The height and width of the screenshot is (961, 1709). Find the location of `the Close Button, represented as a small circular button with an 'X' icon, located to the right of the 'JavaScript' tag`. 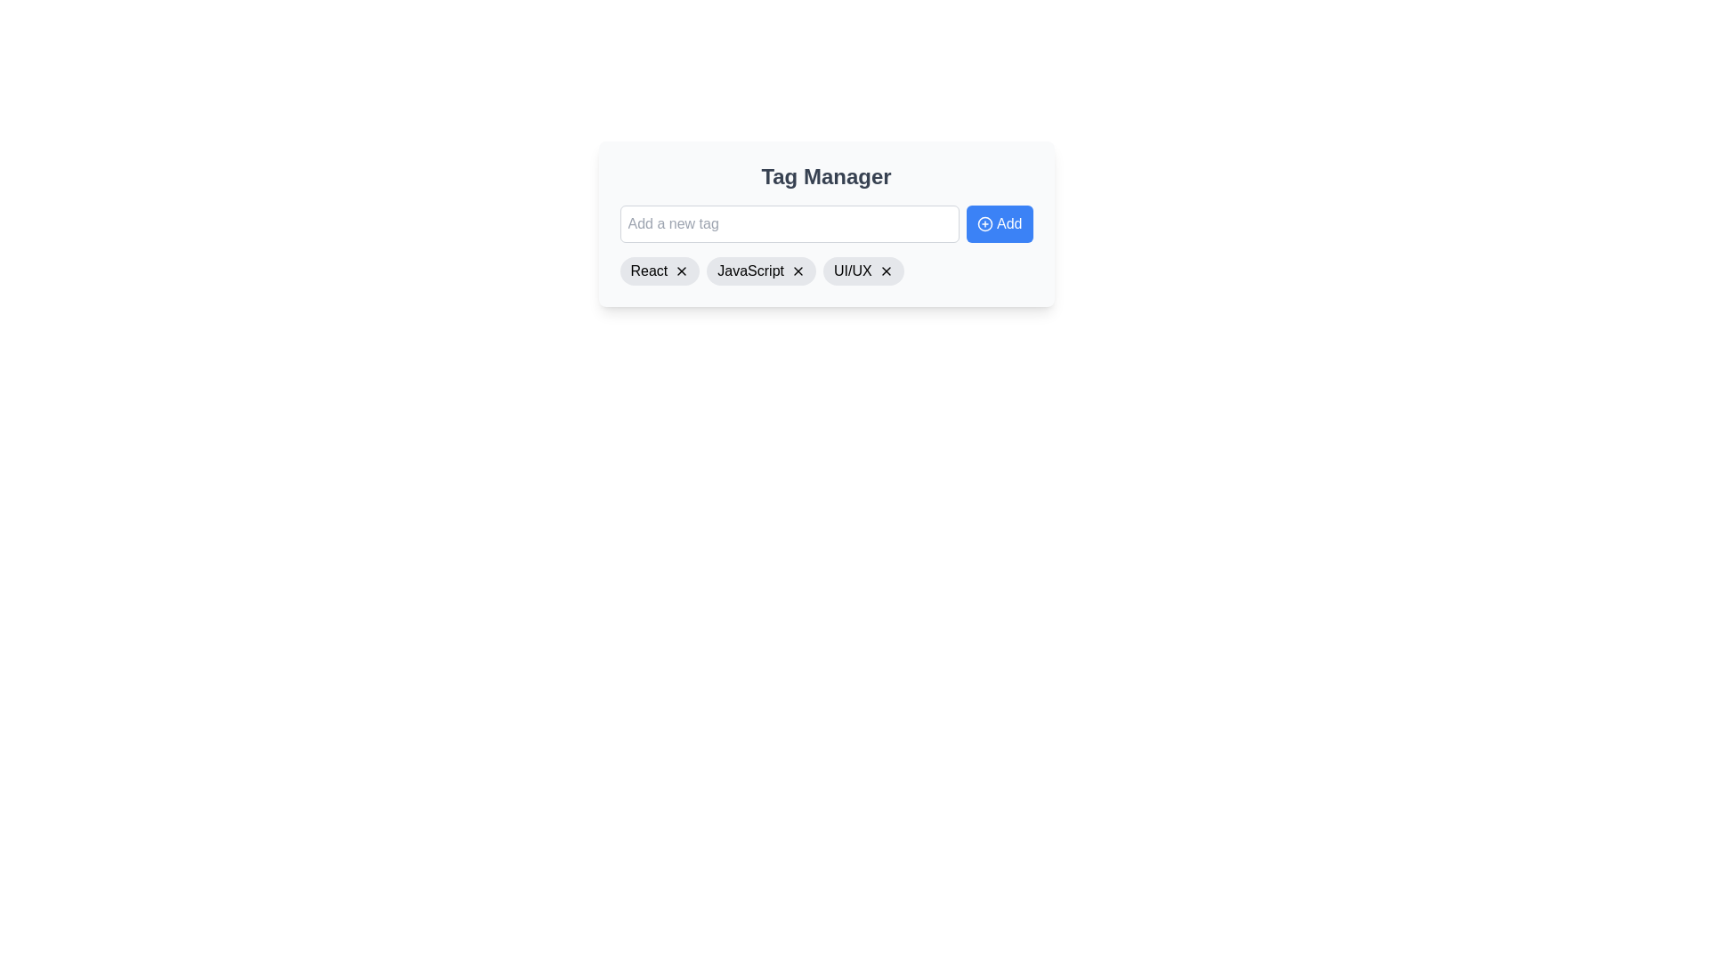

the Close Button, represented as a small circular button with an 'X' icon, located to the right of the 'JavaScript' tag is located at coordinates (798, 271).